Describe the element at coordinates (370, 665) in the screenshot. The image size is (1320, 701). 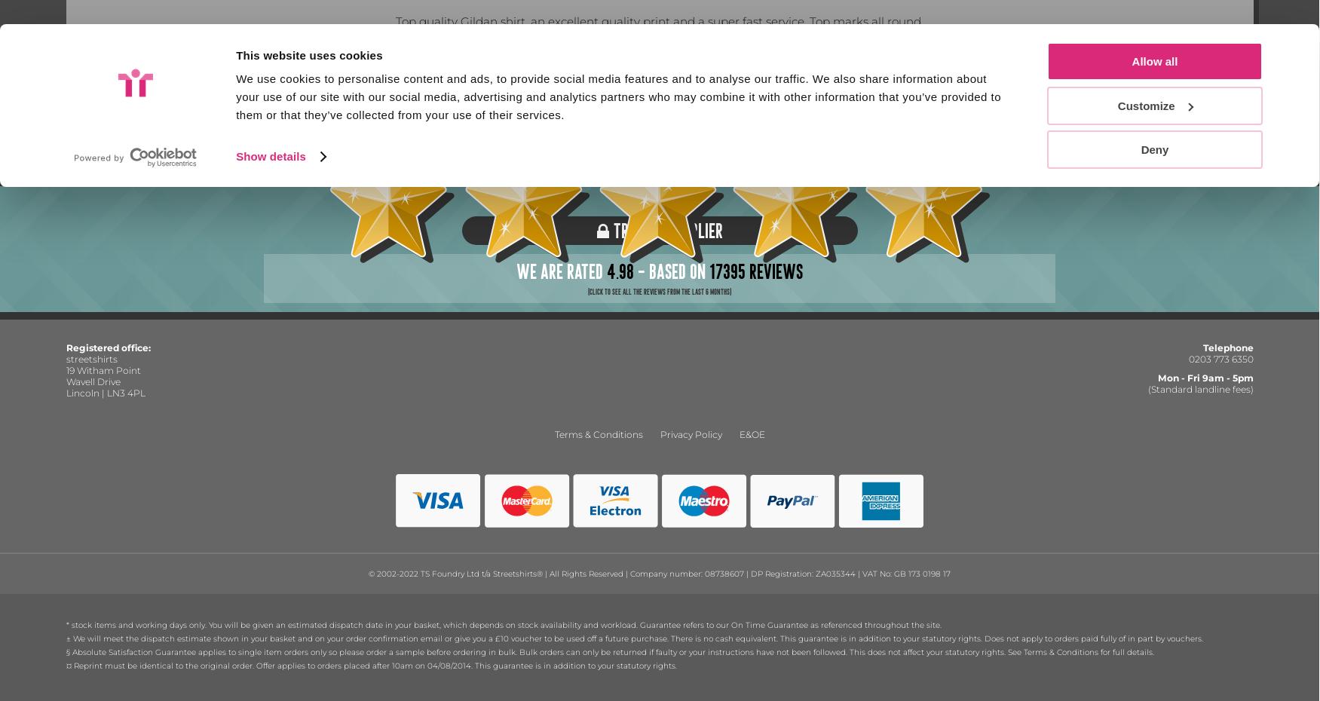
I see `'¤ Reprint must be identical to the original order. Offer applies to orders placed after 10am on 04/08/2014. This guarantee is in addition to your statutory rights.'` at that location.